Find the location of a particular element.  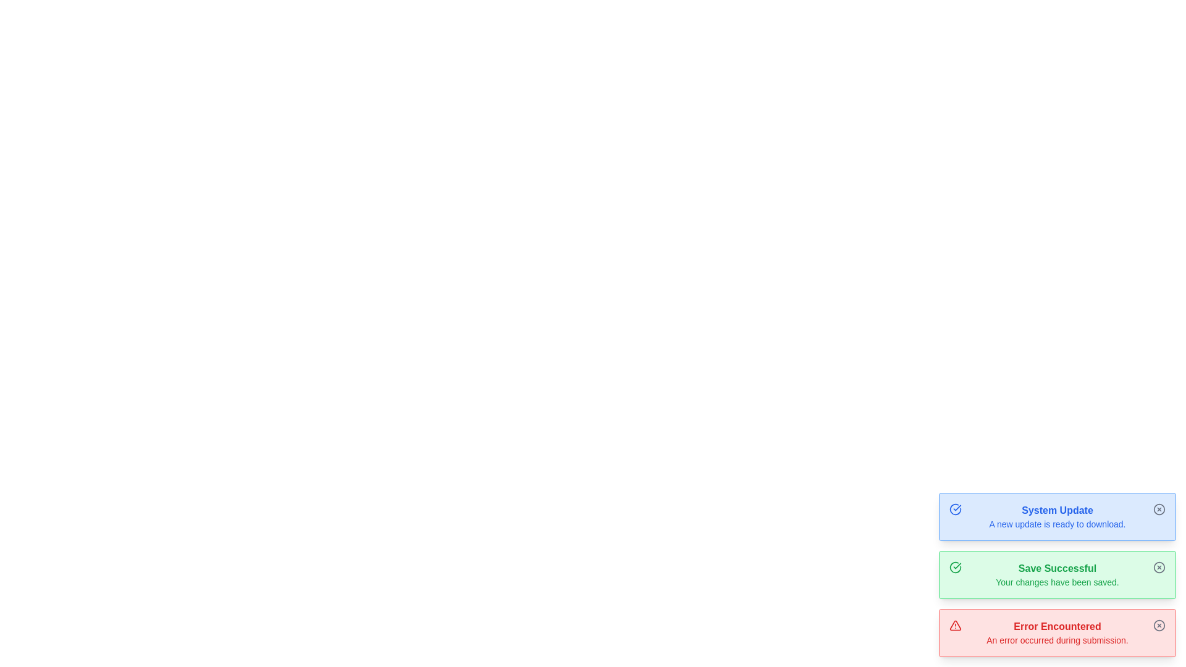

the bold green text label that reads 'Save Successful', which is the header text of the second green notification box in a vertical stack of three notifications is located at coordinates (1057, 569).